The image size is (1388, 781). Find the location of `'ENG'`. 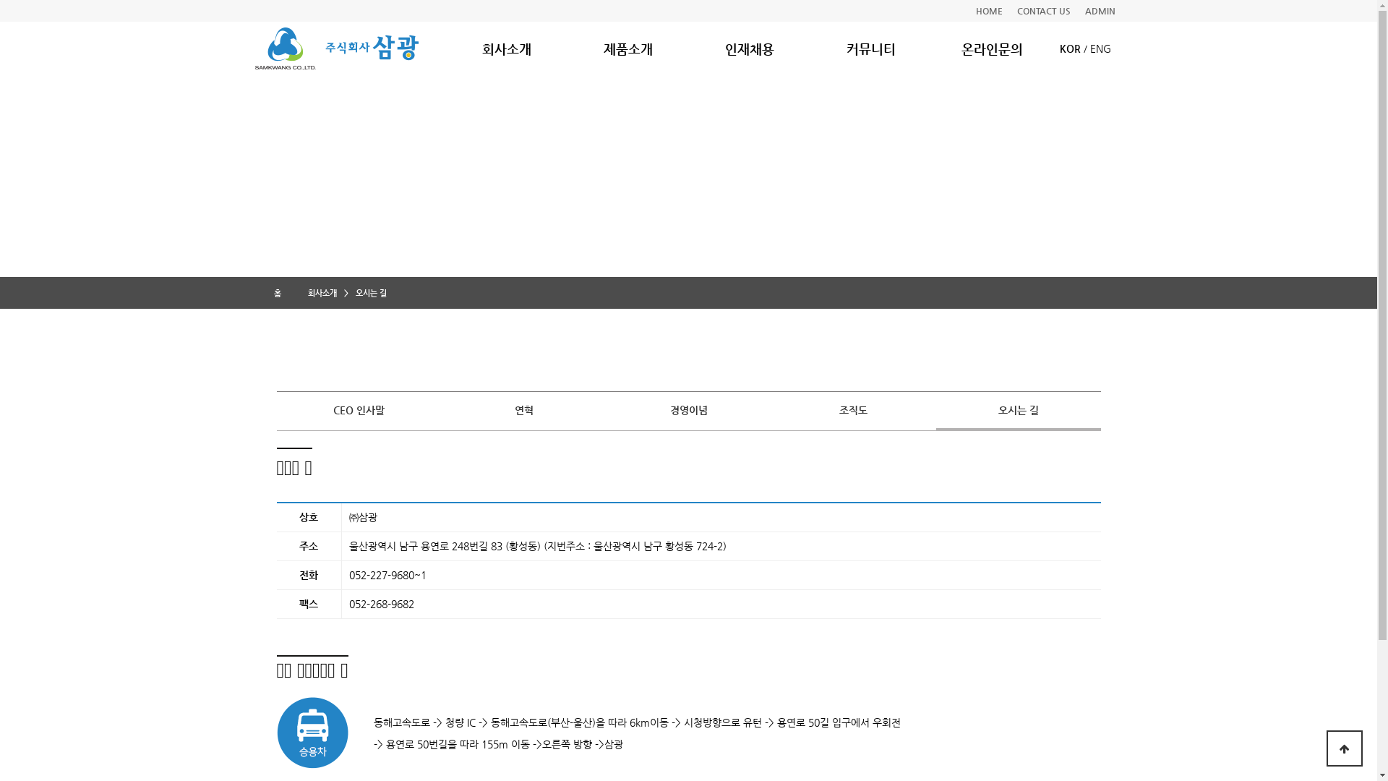

'ENG' is located at coordinates (1100, 47).